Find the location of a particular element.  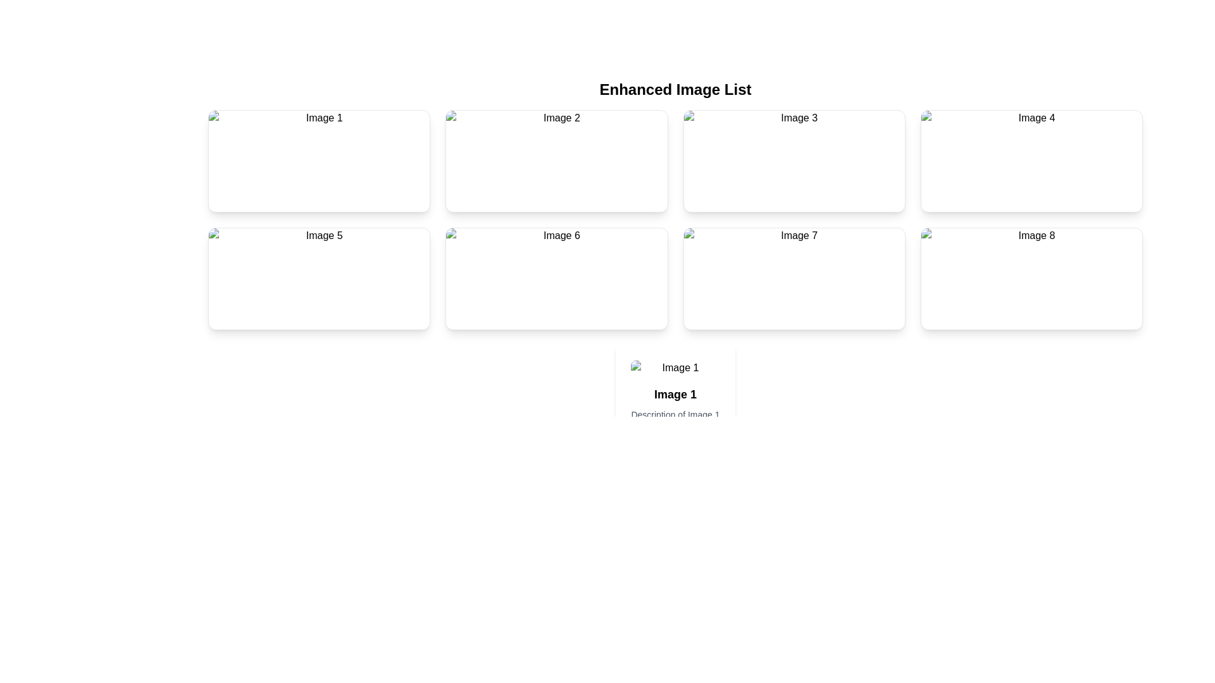

the second interactive card in the grid layout is located at coordinates (556, 160).